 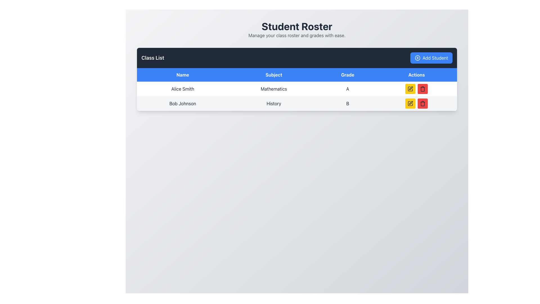 I want to click on the 'Add Student' button in the top-right corner of the 'Class List' header, so click(x=431, y=58).